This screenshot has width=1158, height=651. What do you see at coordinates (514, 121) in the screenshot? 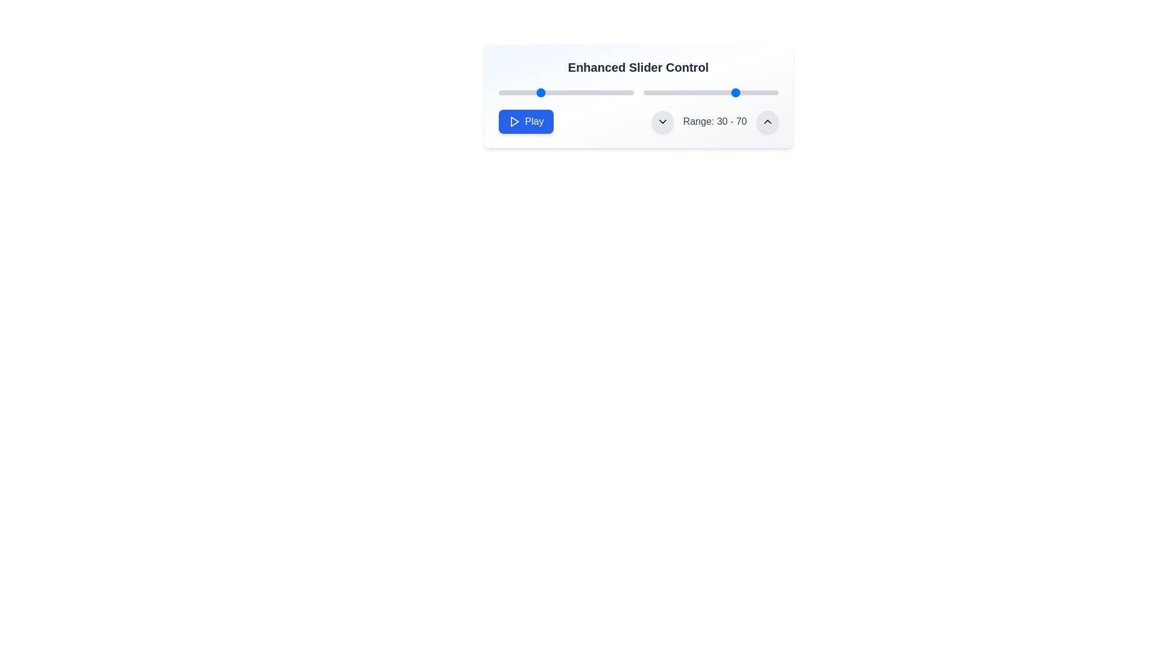
I see `the triangular play icon located centrally within the blue rectangular 'Play' button to initiate play functionality` at bounding box center [514, 121].